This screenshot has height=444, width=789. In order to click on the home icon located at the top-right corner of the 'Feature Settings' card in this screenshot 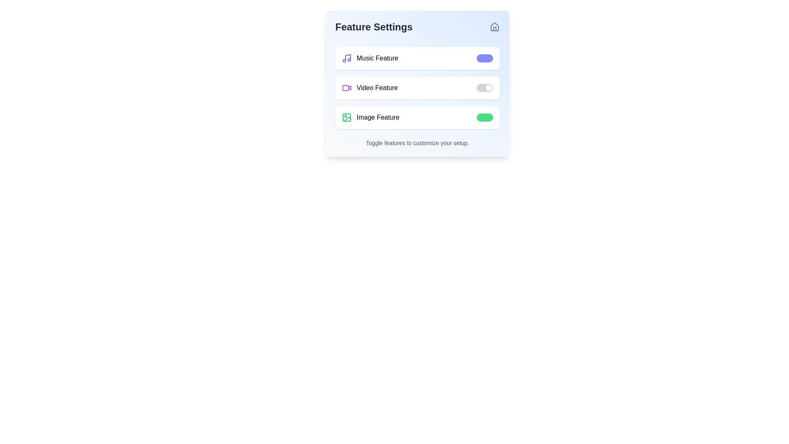, I will do `click(494, 26)`.